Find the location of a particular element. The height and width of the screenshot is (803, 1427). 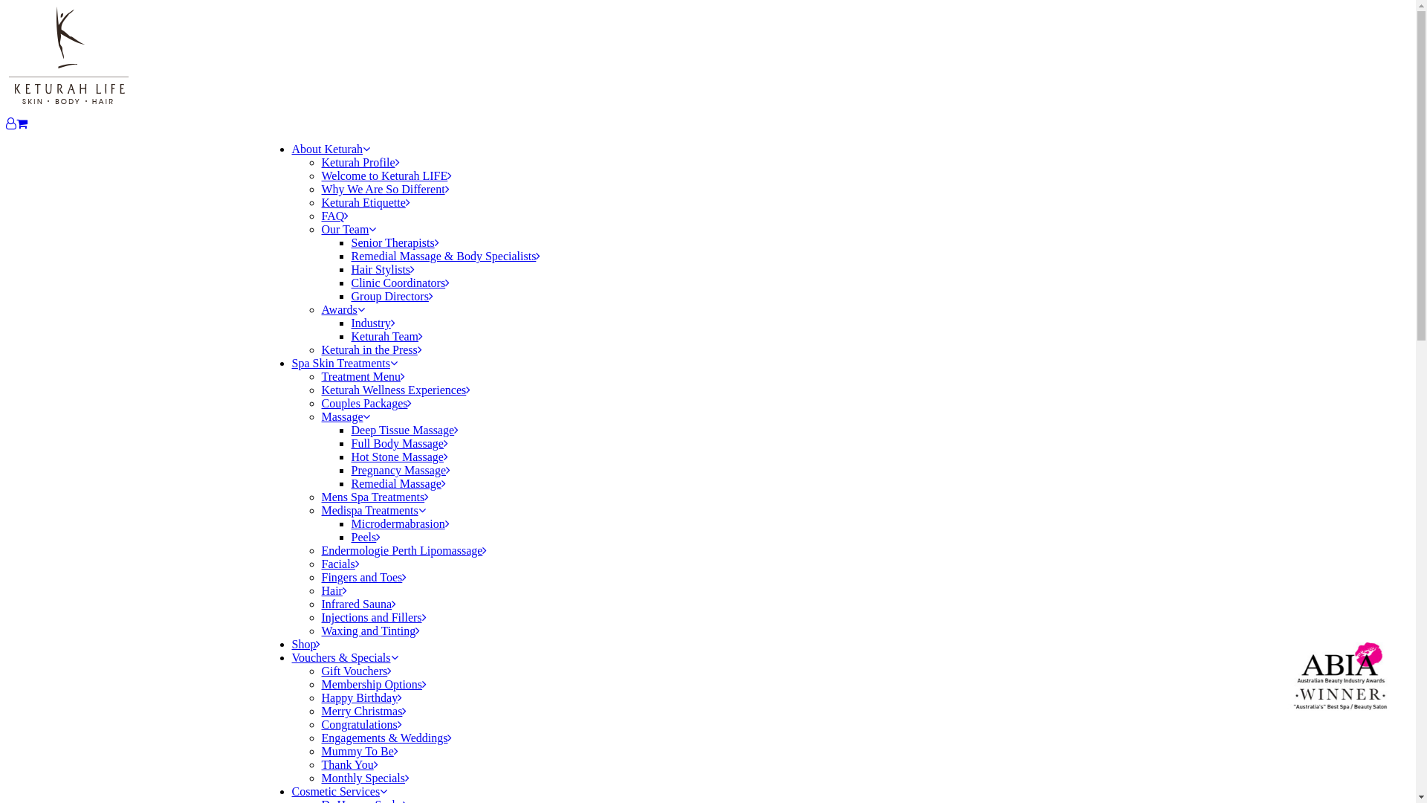

'Our Team' is located at coordinates (348, 229).